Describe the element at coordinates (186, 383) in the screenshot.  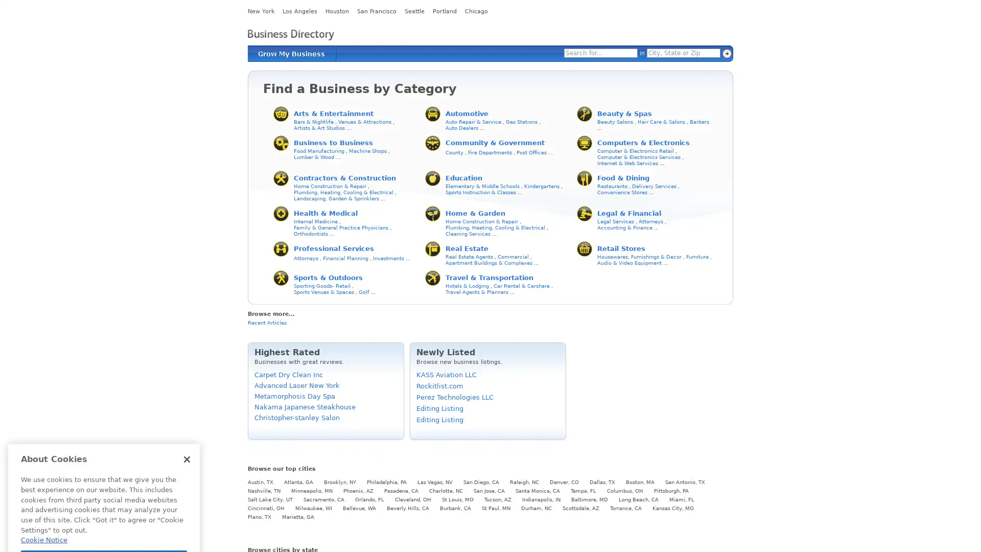
I see `Close` at that location.